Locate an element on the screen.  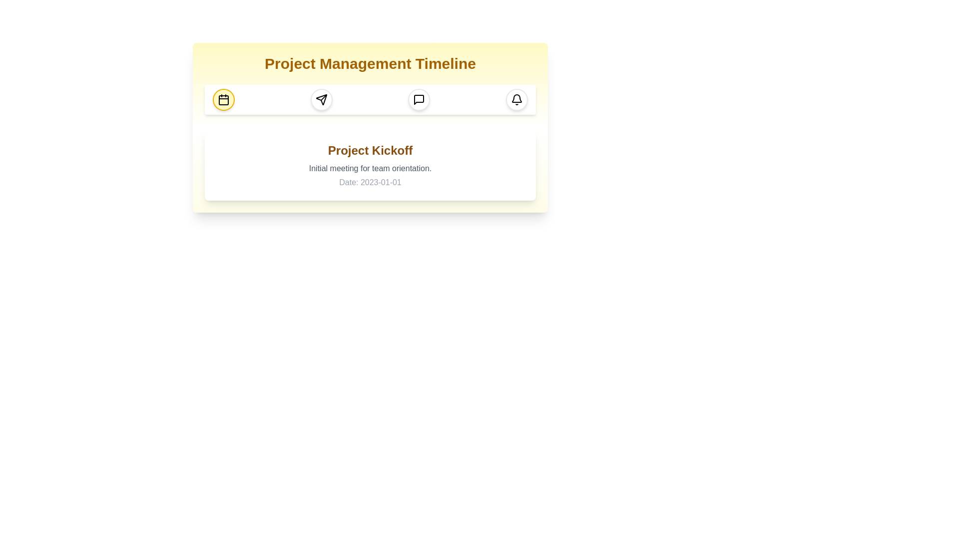
the arrow graphic representing the 'Send' action inside the second button from the left in the row of circular buttons at the top of the interface is located at coordinates (321, 100).